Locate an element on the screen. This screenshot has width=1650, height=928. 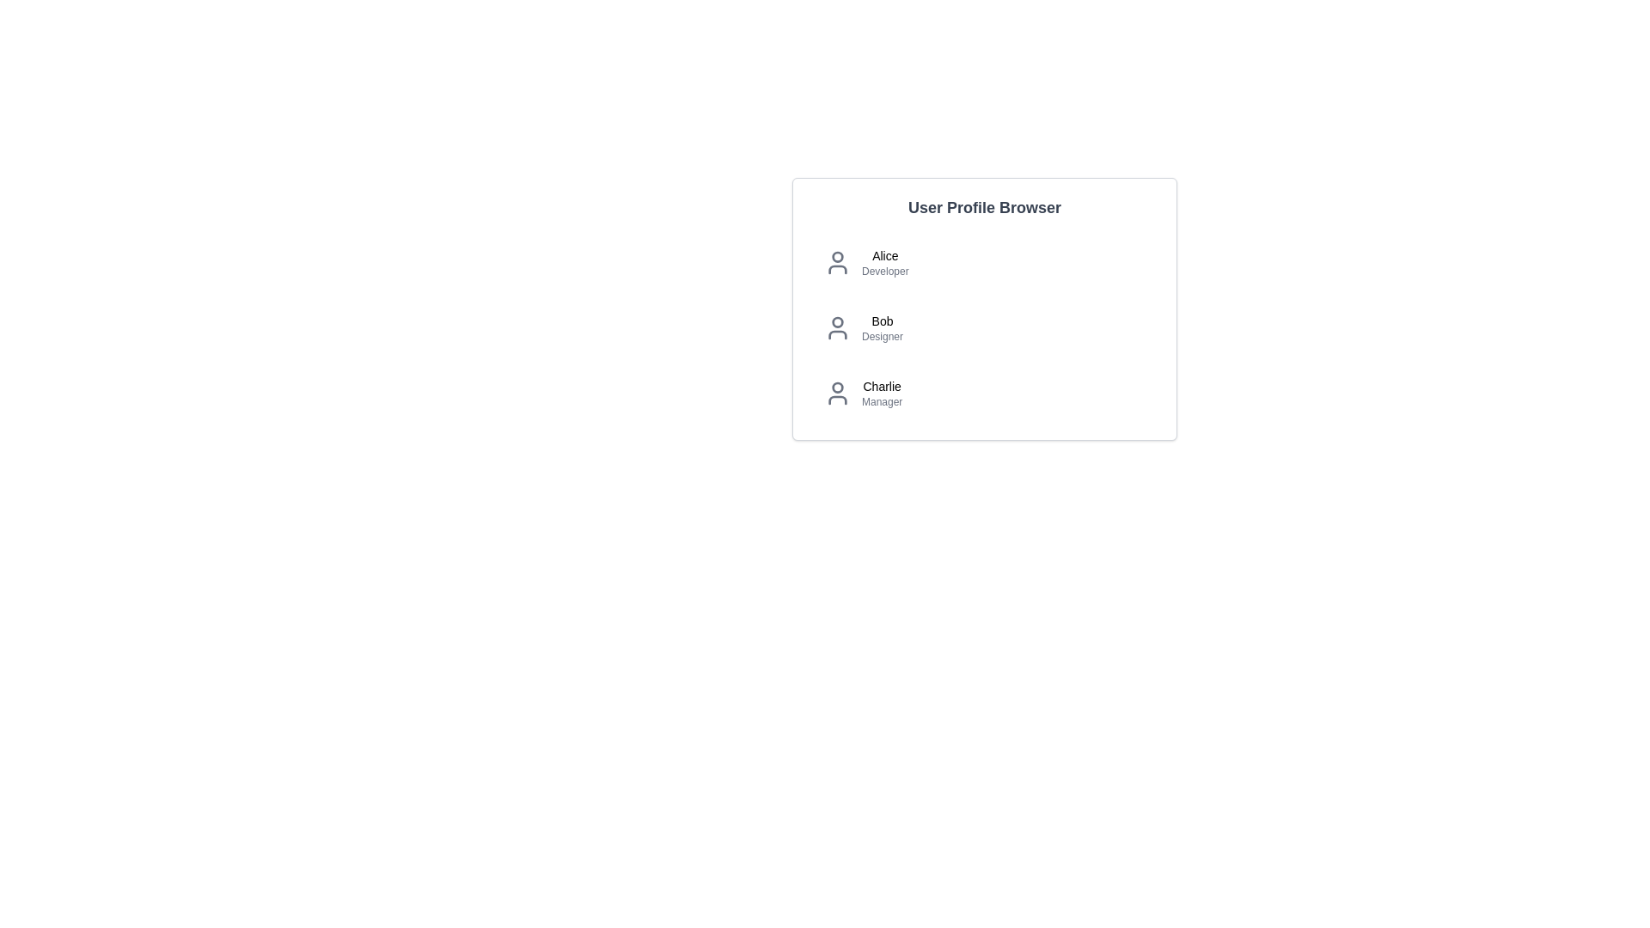
the Circle element within the SVG graphic that represents a part of the profile icon for 'Alice, Developer' is located at coordinates (837, 257).